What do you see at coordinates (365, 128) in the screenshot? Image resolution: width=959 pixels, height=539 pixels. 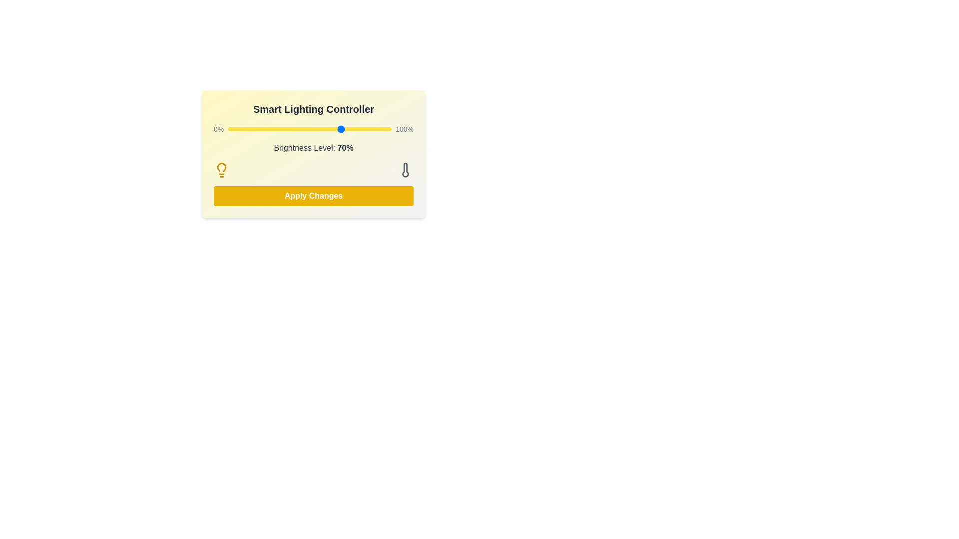 I see `the brightness slider to set the brightness to 84%` at bounding box center [365, 128].